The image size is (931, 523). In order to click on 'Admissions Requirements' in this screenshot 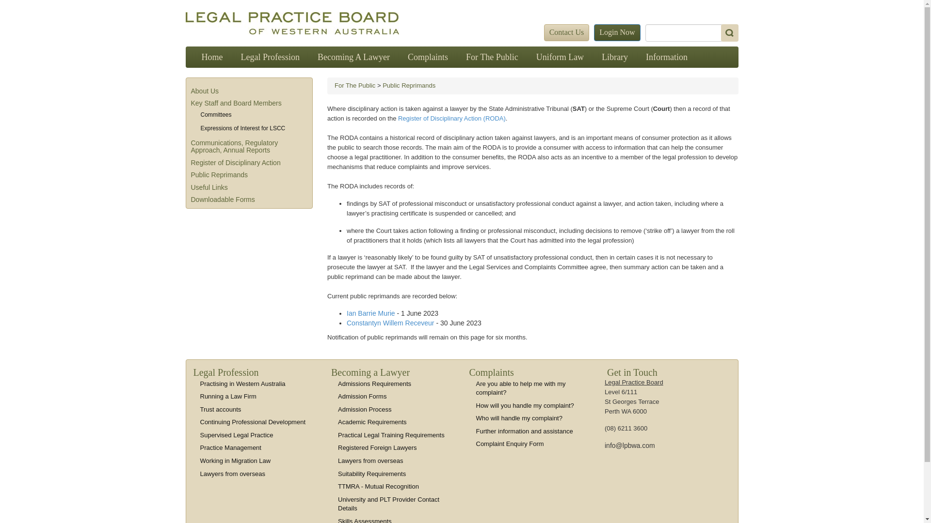, I will do `click(374, 383)`.